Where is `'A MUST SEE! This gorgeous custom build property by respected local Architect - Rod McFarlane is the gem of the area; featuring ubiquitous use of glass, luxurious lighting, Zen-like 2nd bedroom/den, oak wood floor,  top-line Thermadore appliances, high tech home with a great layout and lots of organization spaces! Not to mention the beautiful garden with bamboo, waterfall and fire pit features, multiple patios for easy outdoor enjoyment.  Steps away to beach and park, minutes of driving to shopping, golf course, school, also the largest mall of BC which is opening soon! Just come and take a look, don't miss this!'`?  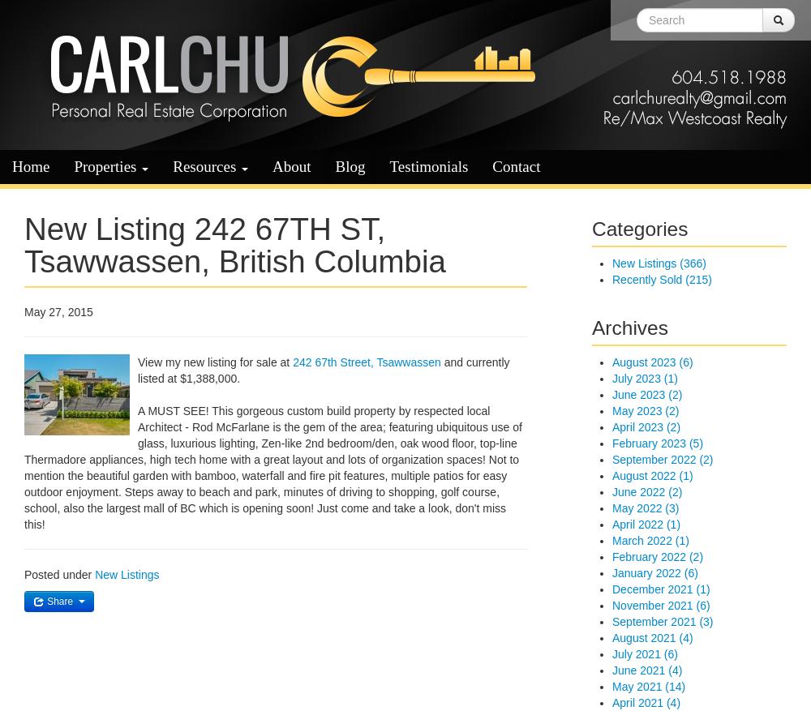 'A MUST SEE! This gorgeous custom build property by respected local Architect - Rod McFarlane is the gem of the area; featuring ubiquitous use of glass, luxurious lighting, Zen-like 2nd bedroom/den, oak wood floor,  top-line Thermadore appliances, high tech home with a great layout and lots of organization spaces! Not to mention the beautiful garden with bamboo, waterfall and fire pit features, multiple patios for easy outdoor enjoyment.  Steps away to beach and park, minutes of driving to shopping, golf course, school, also the largest mall of BC which is opening soon! Just come and take a look, don't miss this!' is located at coordinates (272, 467).